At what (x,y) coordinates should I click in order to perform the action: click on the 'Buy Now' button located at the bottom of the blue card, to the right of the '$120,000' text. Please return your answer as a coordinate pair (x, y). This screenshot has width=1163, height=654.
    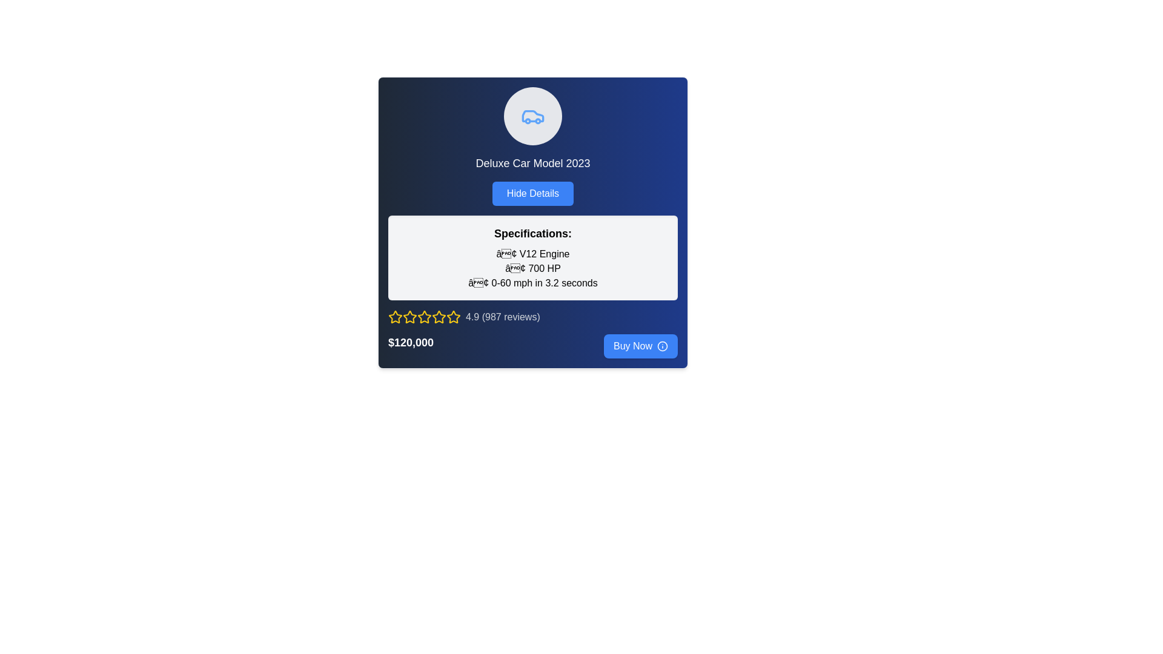
    Looking at the image, I should click on (640, 346).